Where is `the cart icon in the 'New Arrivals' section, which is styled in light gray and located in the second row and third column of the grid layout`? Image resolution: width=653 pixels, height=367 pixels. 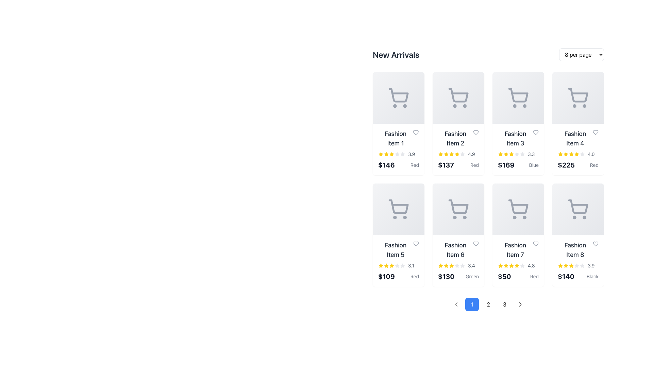
the cart icon in the 'New Arrivals' section, which is styled in light gray and located in the second row and third column of the grid layout is located at coordinates (458, 206).